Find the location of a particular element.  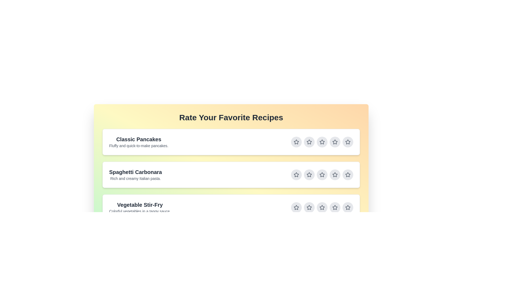

the star button corresponding to 1 stars for the recipe titled Spaghetti Carbonara is located at coordinates (296, 175).